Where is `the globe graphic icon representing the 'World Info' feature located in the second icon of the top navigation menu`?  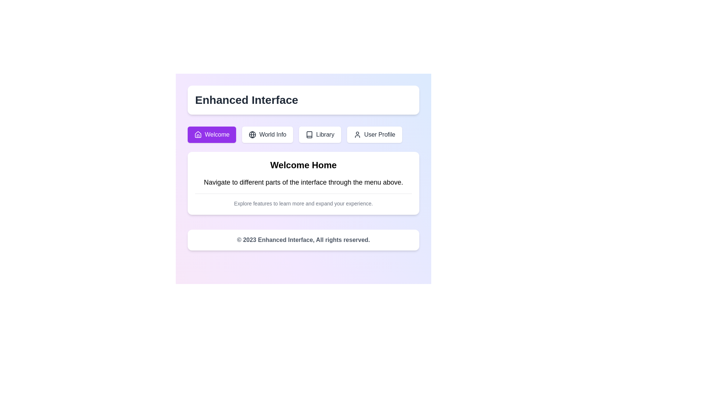
the globe graphic icon representing the 'World Info' feature located in the second icon of the top navigation menu is located at coordinates (252, 134).